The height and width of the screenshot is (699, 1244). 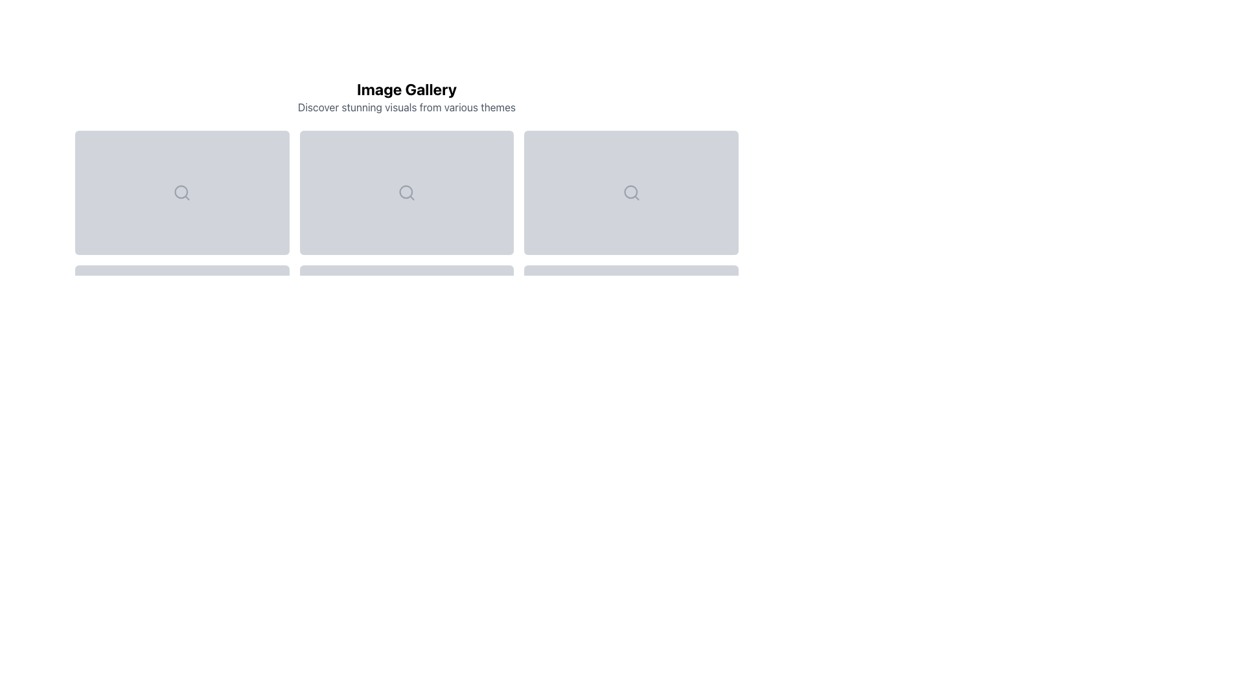 What do you see at coordinates (631, 192) in the screenshot?
I see `the third Gallery item card in the first row` at bounding box center [631, 192].